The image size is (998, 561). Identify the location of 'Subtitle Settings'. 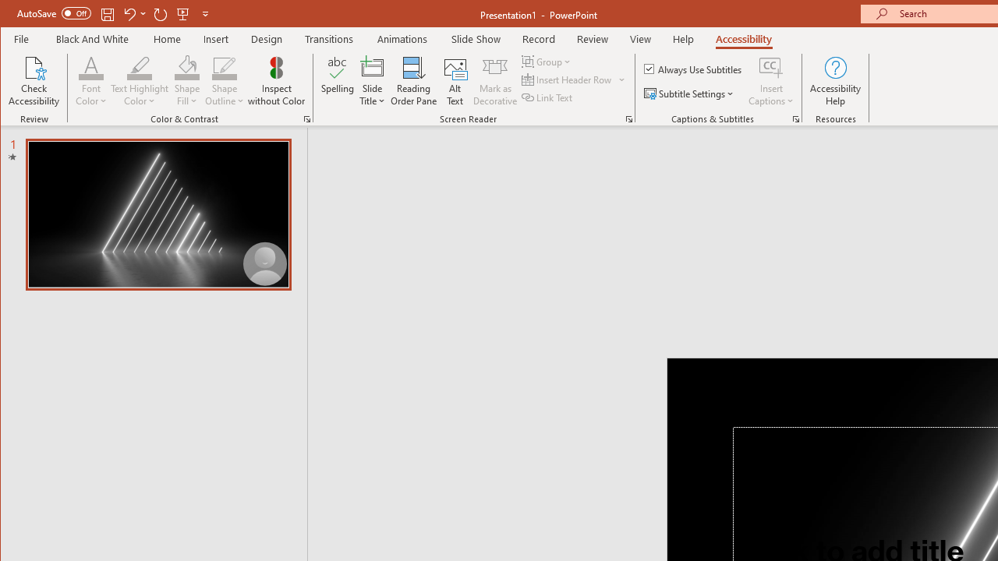
(689, 93).